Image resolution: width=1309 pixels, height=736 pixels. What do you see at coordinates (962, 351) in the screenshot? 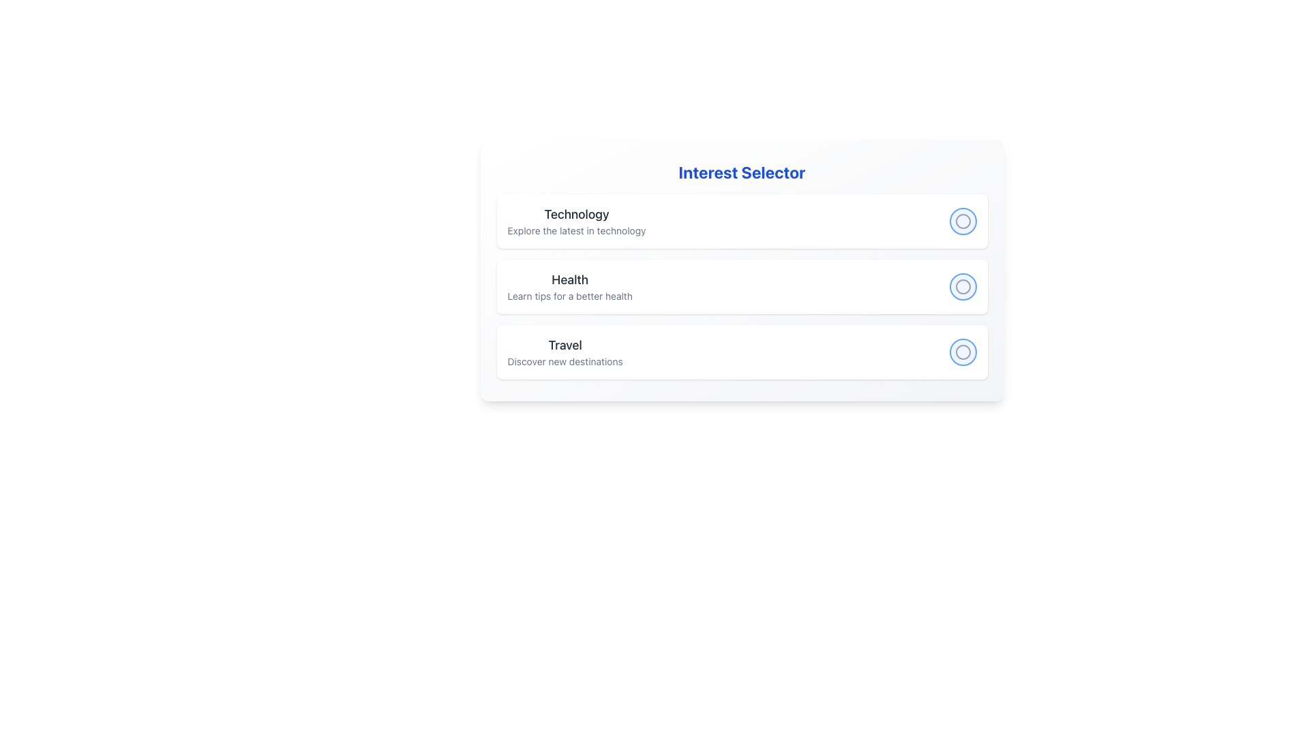
I see `the circular graphical component with a defined border color` at bounding box center [962, 351].